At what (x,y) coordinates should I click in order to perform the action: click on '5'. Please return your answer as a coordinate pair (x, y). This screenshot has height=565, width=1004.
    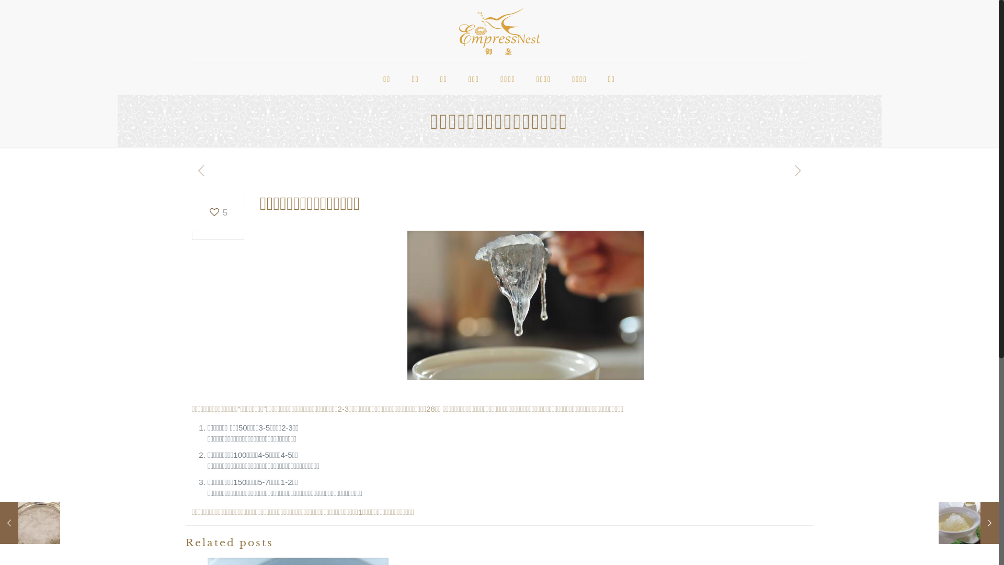
    Looking at the image, I should click on (208, 212).